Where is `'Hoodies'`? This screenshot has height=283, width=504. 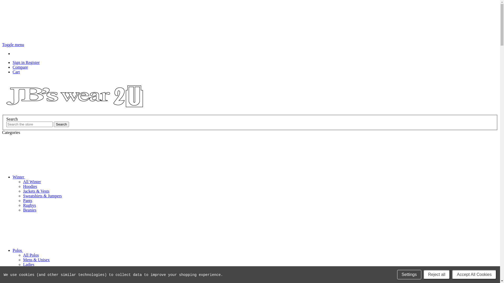
'Hoodies' is located at coordinates (23, 186).